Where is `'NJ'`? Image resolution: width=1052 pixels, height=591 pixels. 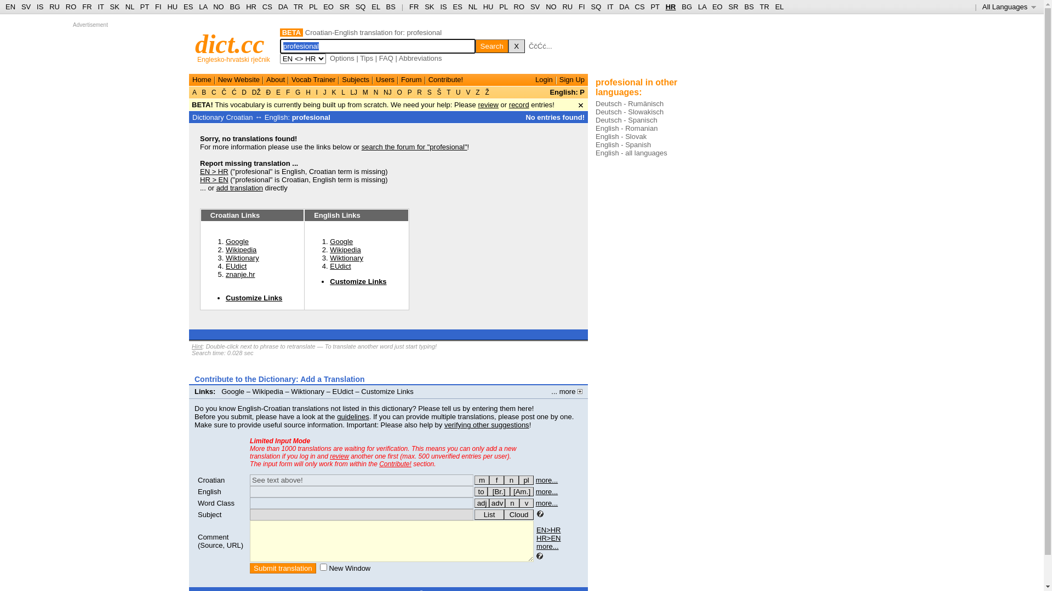
'NJ' is located at coordinates (387, 92).